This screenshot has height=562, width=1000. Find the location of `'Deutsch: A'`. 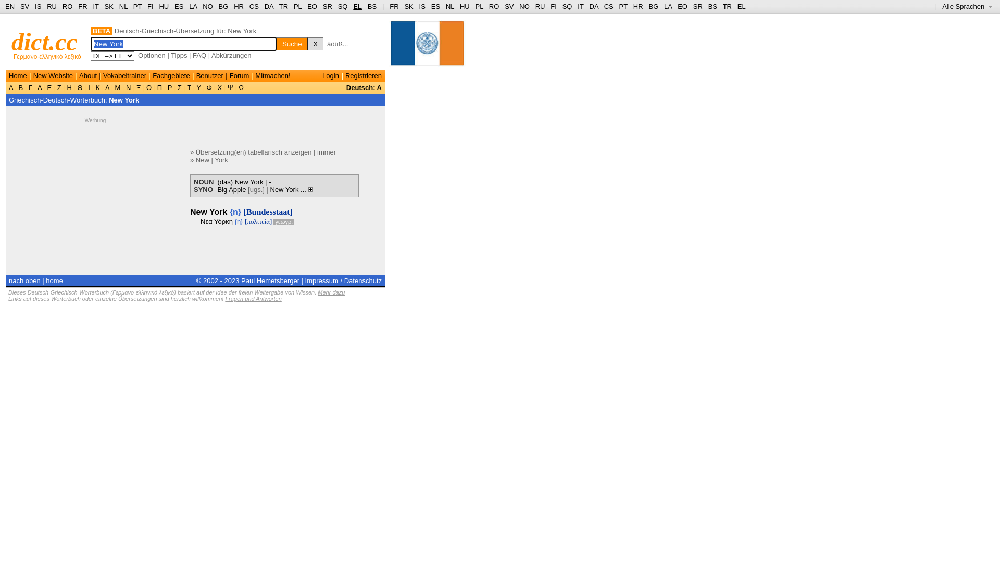

'Deutsch: A' is located at coordinates (364, 87).